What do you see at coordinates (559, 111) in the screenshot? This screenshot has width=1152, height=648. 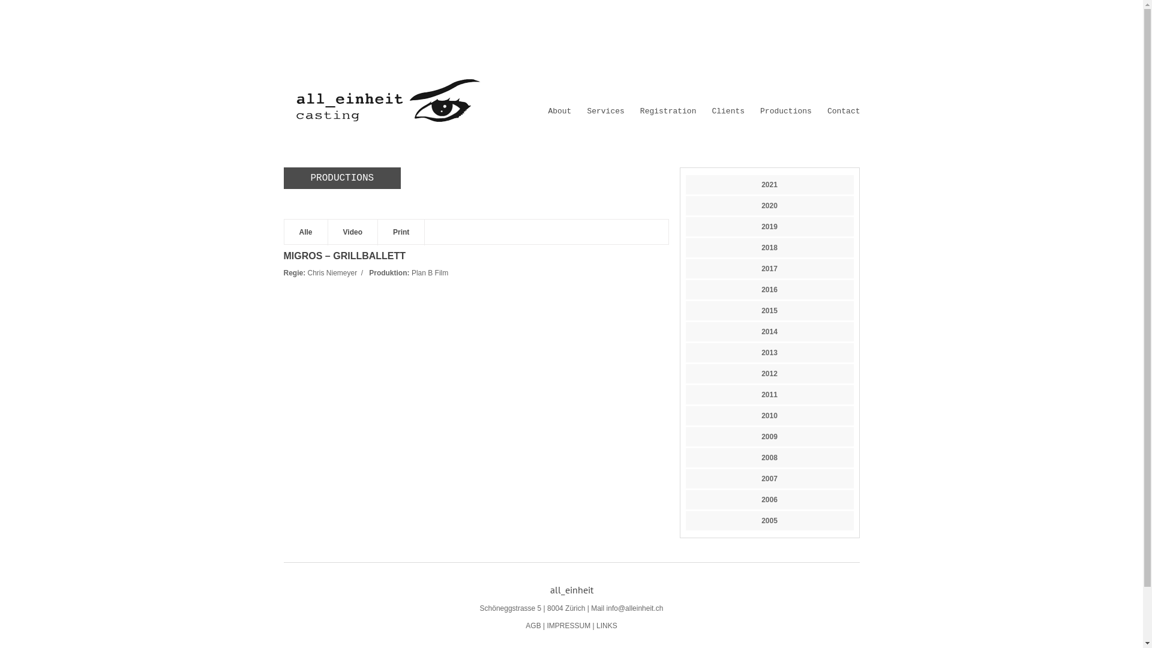 I see `'About'` at bounding box center [559, 111].